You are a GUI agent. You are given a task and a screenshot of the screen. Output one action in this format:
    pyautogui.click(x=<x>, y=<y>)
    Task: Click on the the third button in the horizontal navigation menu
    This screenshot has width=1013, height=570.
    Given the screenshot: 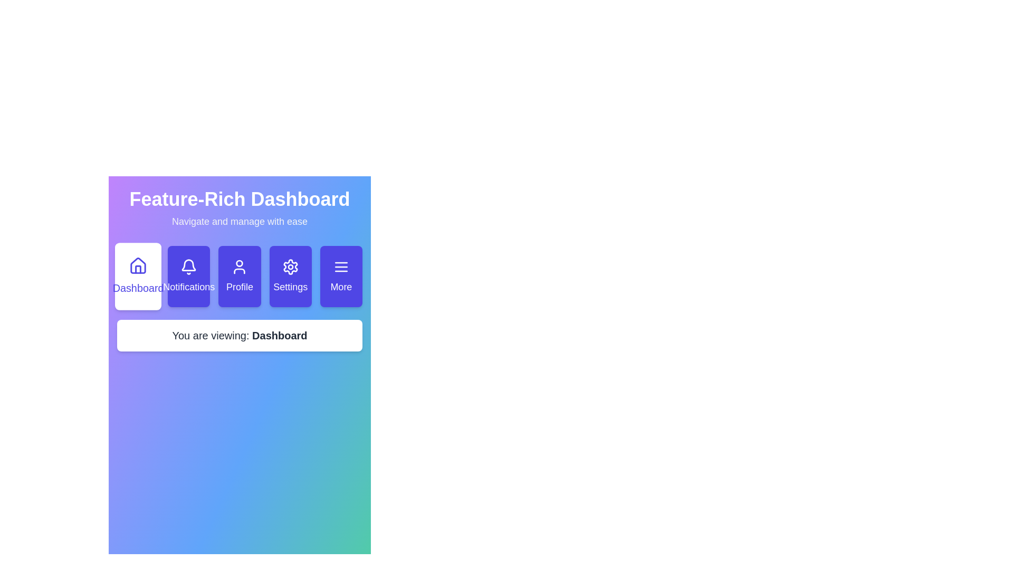 What is the action you would take?
    pyautogui.click(x=239, y=276)
    